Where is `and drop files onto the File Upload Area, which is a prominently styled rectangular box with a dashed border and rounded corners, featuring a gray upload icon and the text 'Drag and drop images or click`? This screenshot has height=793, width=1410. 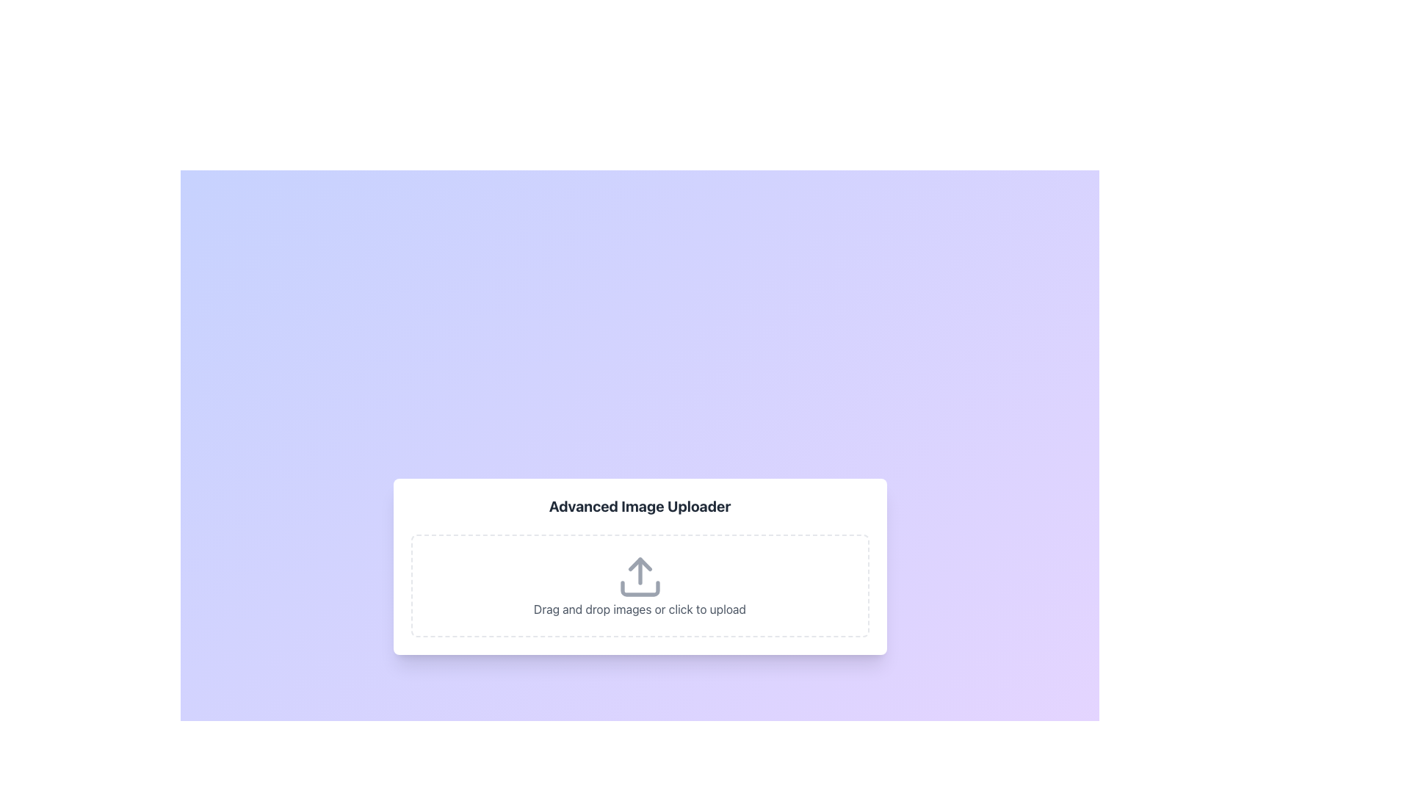 and drop files onto the File Upload Area, which is a prominently styled rectangular box with a dashed border and rounded corners, featuring a gray upload icon and the text 'Drag and drop images or click is located at coordinates (640, 585).